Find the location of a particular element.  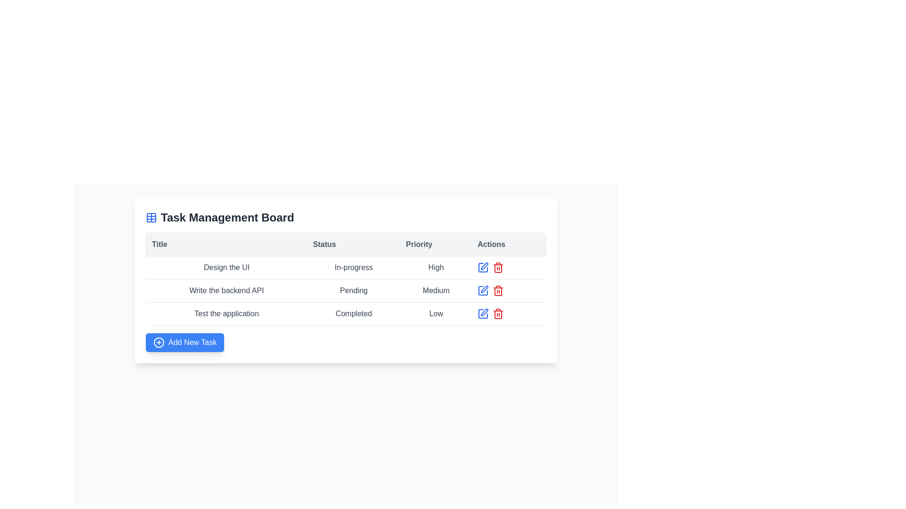

the text label 'High' in the Priority column under the Design the UI row in the task table is located at coordinates (436, 267).